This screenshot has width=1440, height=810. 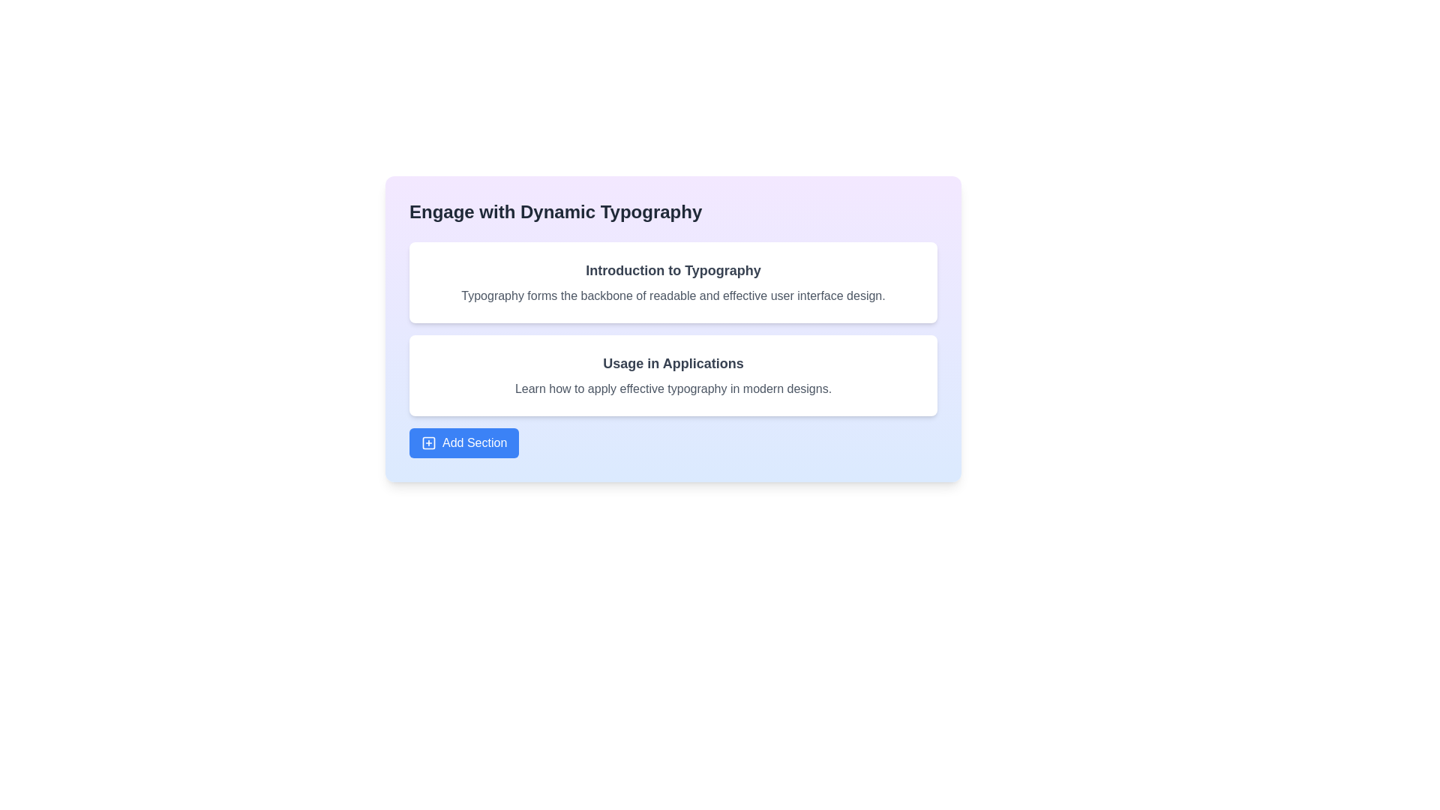 What do you see at coordinates (474, 442) in the screenshot?
I see `the text label that serves as the central content for the button which adds a new content section, located at the lower-center of the interface` at bounding box center [474, 442].